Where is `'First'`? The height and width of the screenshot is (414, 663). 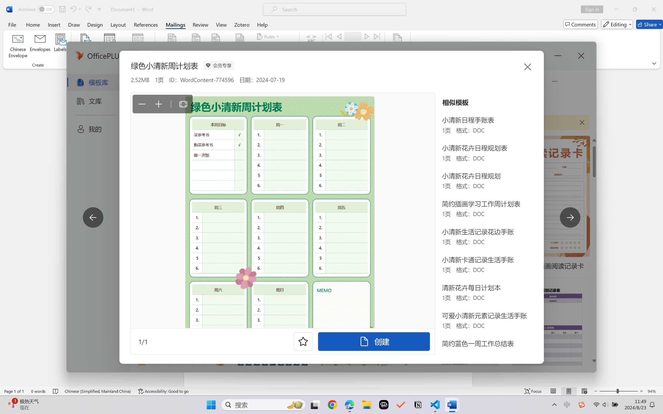
'First' is located at coordinates (329, 36).